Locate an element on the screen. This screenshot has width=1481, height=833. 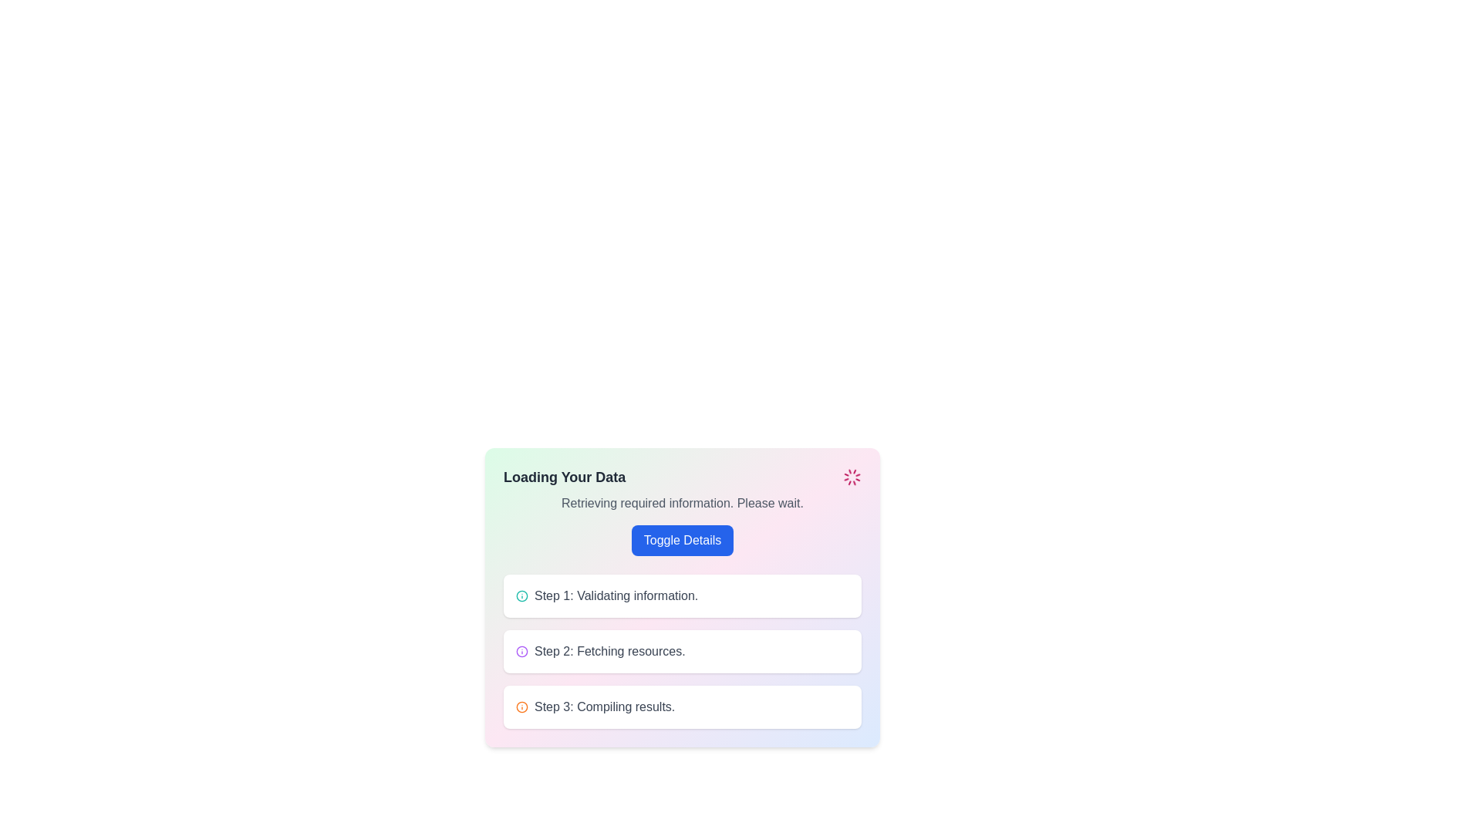
the interactive panel with the heading 'Loading Your Data' to read the progress updates is located at coordinates (681, 597).